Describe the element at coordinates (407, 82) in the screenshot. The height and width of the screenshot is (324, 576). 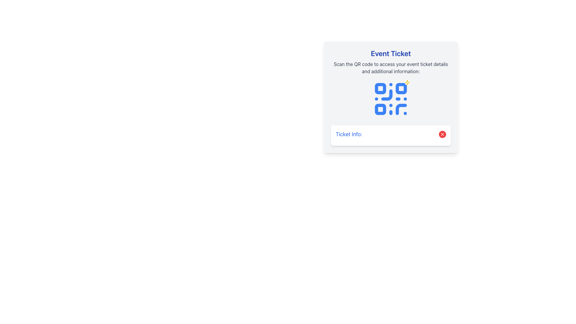
I see `the lightning bolt decorative icon in the upper-right corner of the QR code on the Event Ticket card` at that location.